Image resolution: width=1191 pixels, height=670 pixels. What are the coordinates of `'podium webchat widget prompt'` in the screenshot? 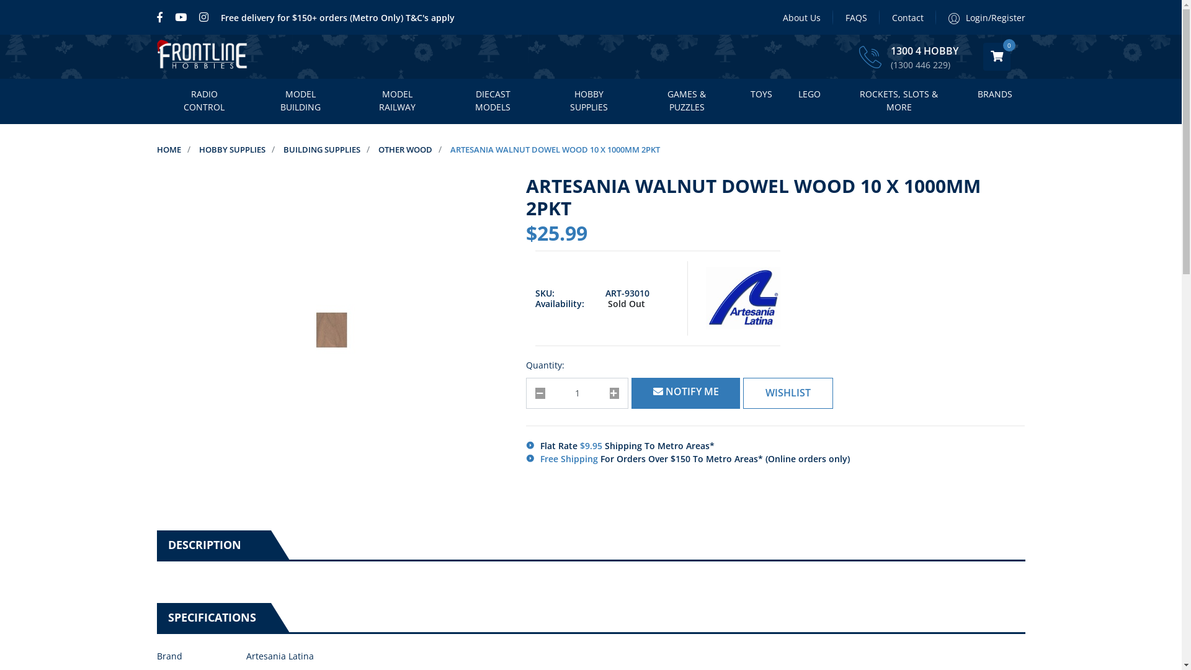 It's located at (970, 527).